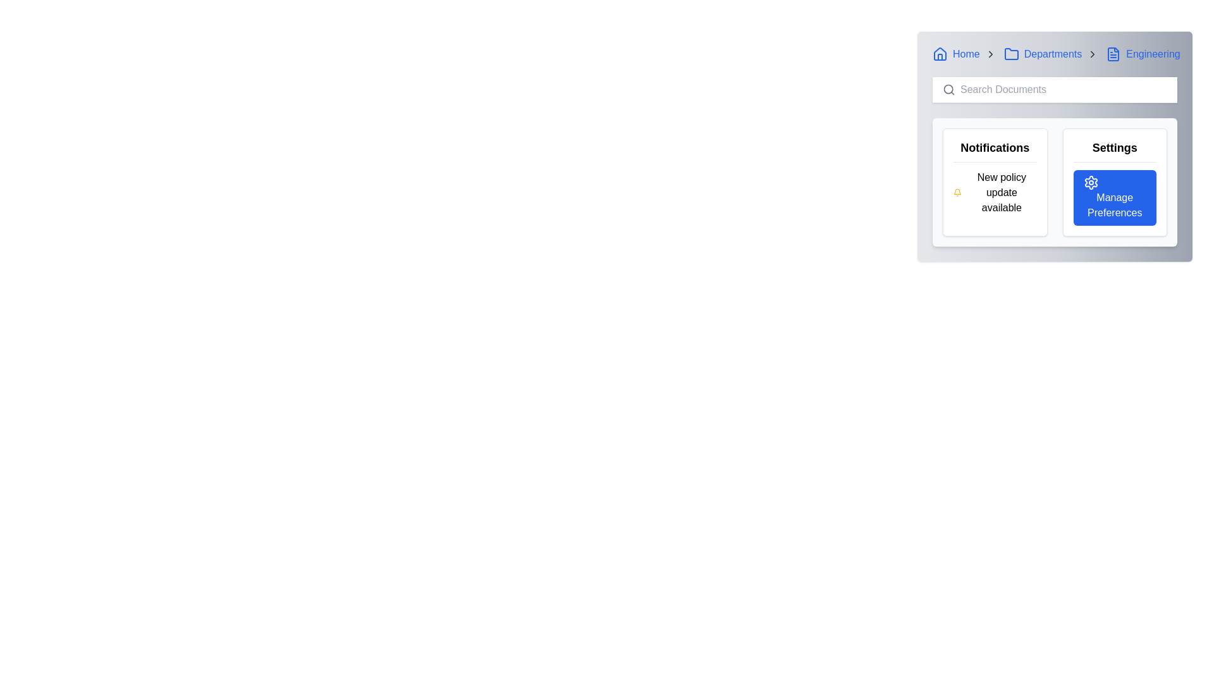 The image size is (1214, 683). Describe the element at coordinates (1092, 53) in the screenshot. I see `the rightward-pointing chevron icon in the breadcrumb navigation, located between 'Departments' and 'Engineering'` at that location.